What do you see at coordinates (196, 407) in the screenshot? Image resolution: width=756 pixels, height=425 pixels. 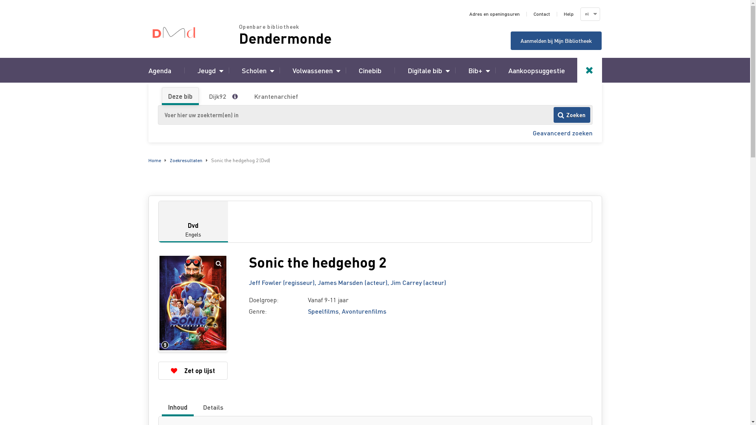 I see `'Details'` at bounding box center [196, 407].